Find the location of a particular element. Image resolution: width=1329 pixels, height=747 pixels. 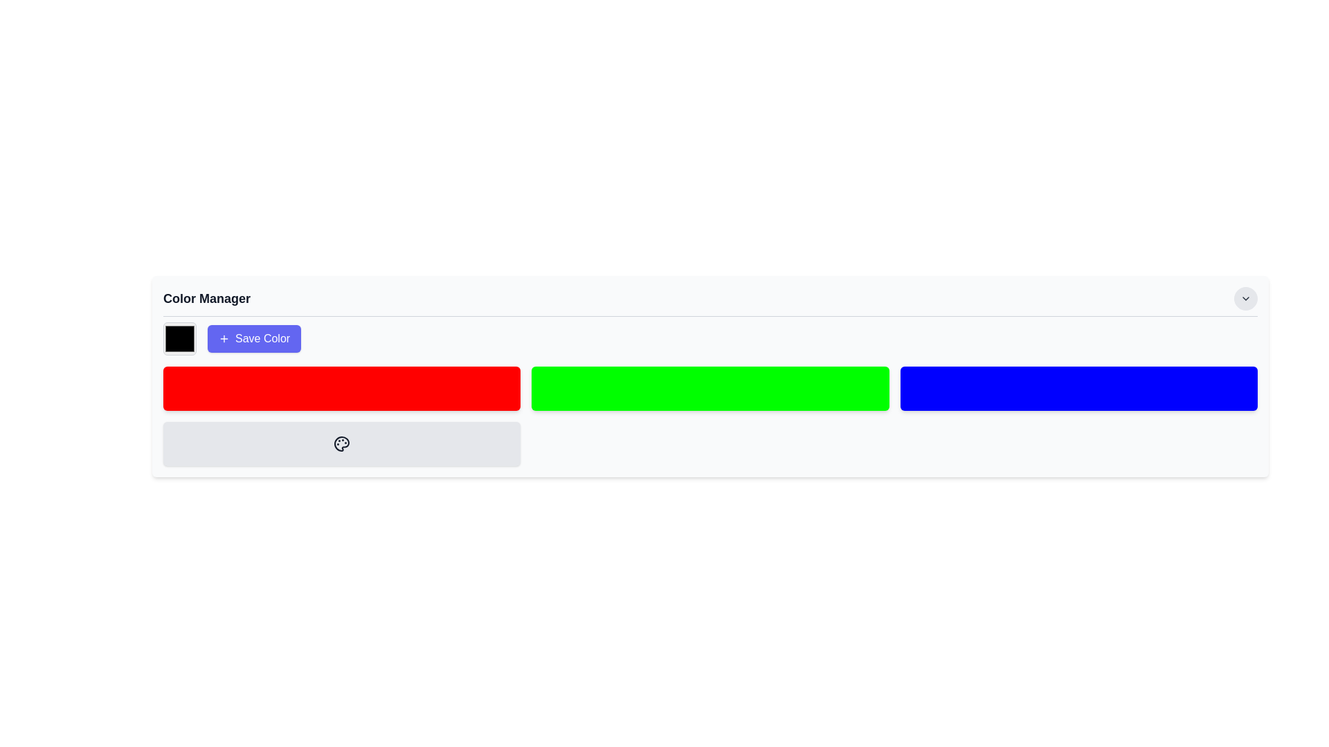

the SVG Icon which signifies an addition or increment action, located to the left of the 'Save Color' button in the 'Color Manager' section is located at coordinates (224, 338).